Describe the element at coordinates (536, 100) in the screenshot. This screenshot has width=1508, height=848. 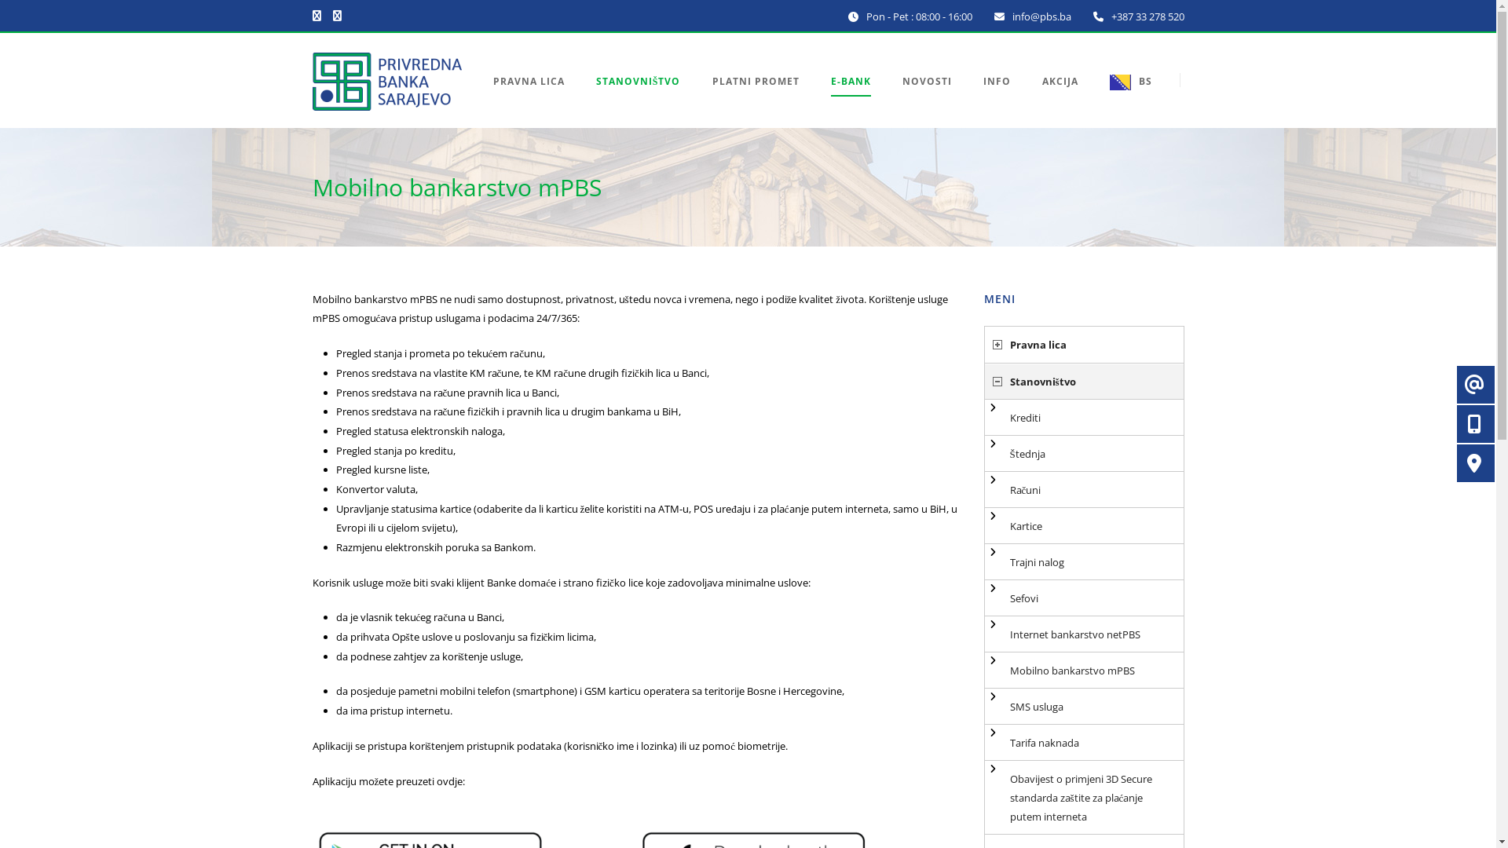
I see `'PRAVNA LICA'` at that location.